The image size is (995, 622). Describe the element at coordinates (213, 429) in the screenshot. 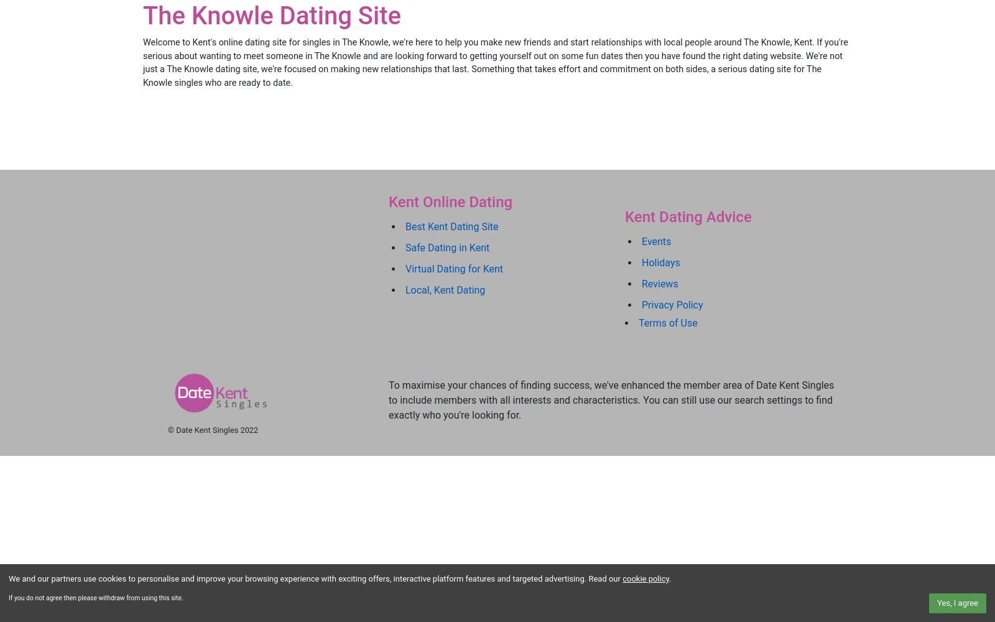

I see `'© Date Kent Singles 2022'` at that location.